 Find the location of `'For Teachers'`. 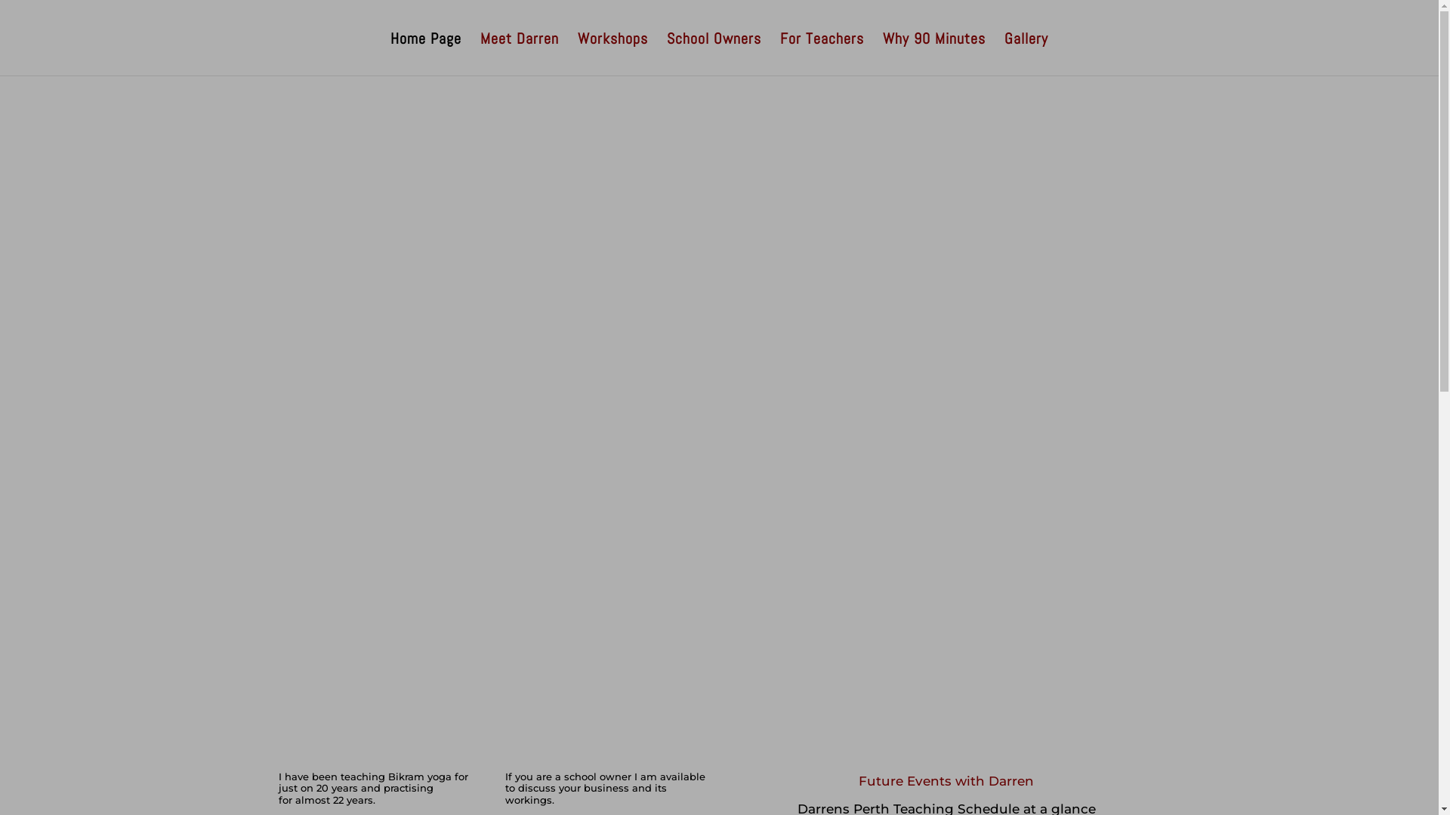

'For Teachers' is located at coordinates (821, 54).